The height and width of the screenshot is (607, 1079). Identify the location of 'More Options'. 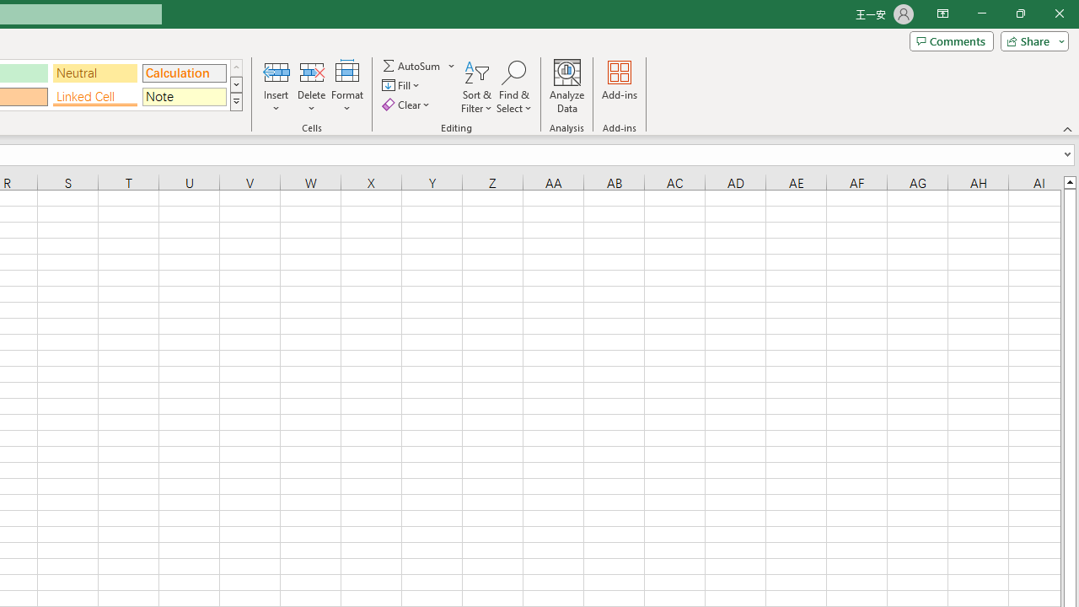
(452, 65).